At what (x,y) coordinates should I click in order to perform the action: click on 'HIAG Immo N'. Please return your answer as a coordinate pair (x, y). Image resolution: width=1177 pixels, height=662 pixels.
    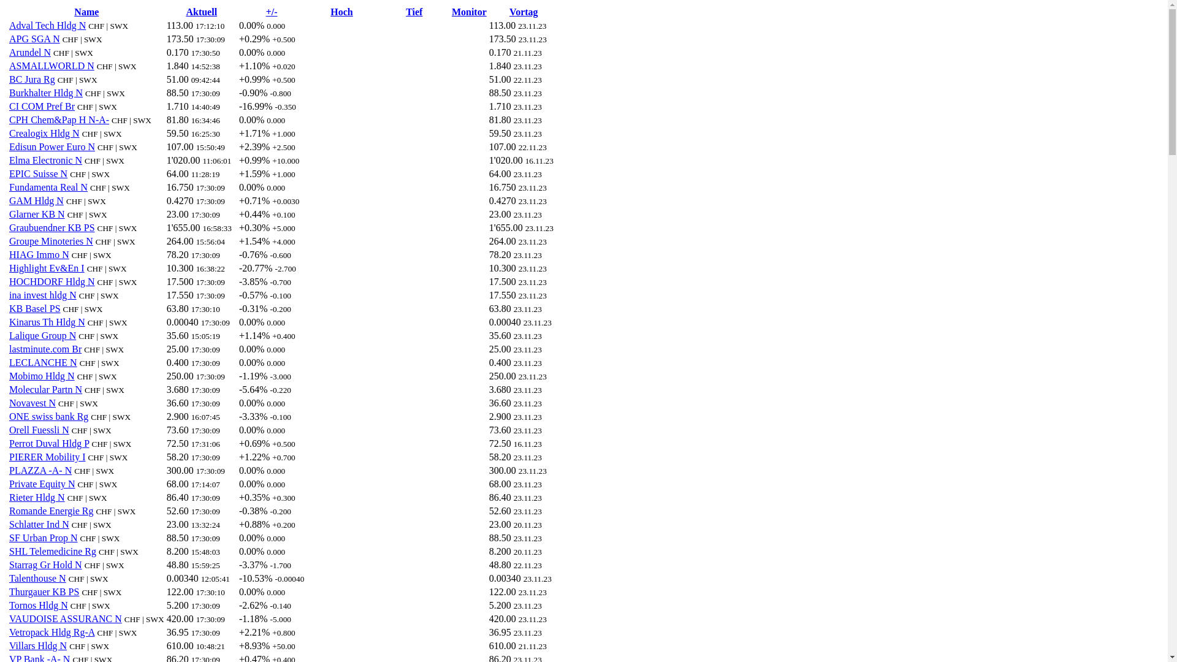
    Looking at the image, I should click on (39, 254).